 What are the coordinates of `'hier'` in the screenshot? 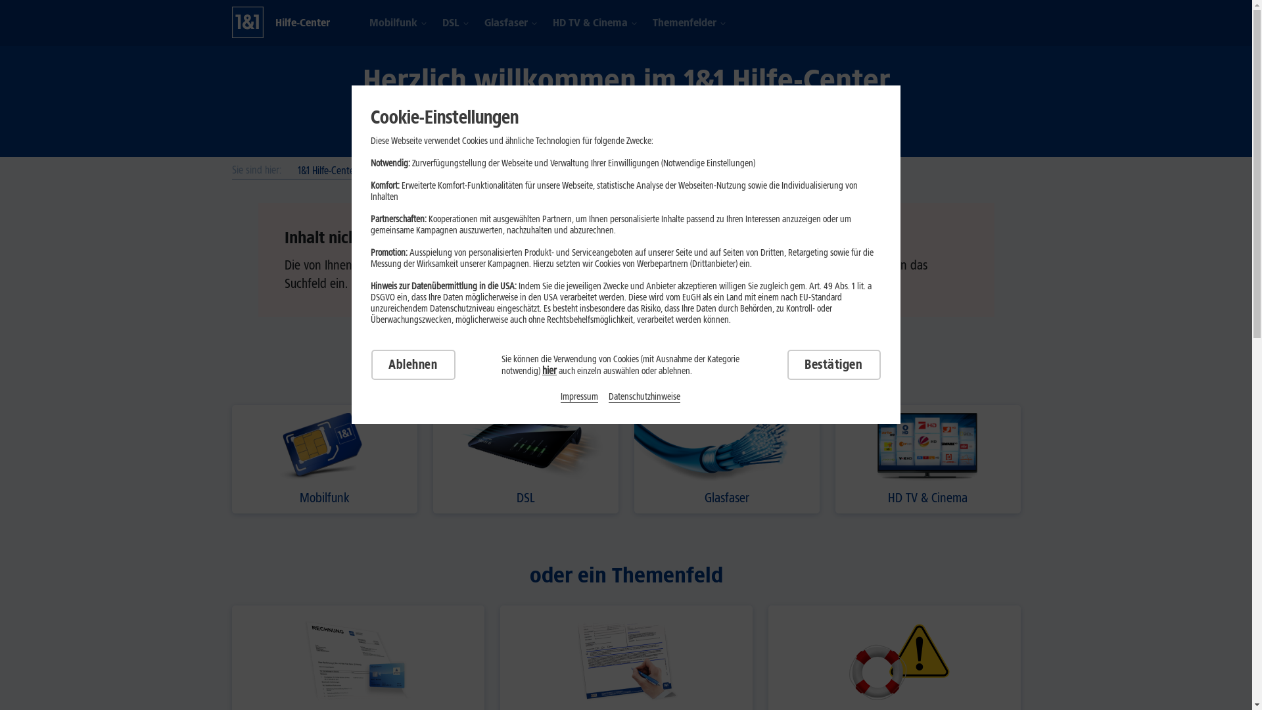 It's located at (549, 370).